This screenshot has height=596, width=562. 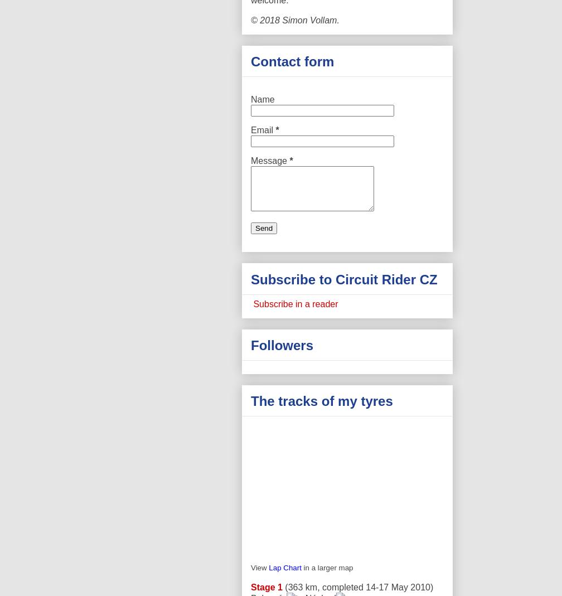 I want to click on '(363 km, completed 14-17 May 2010)', so click(x=282, y=587).